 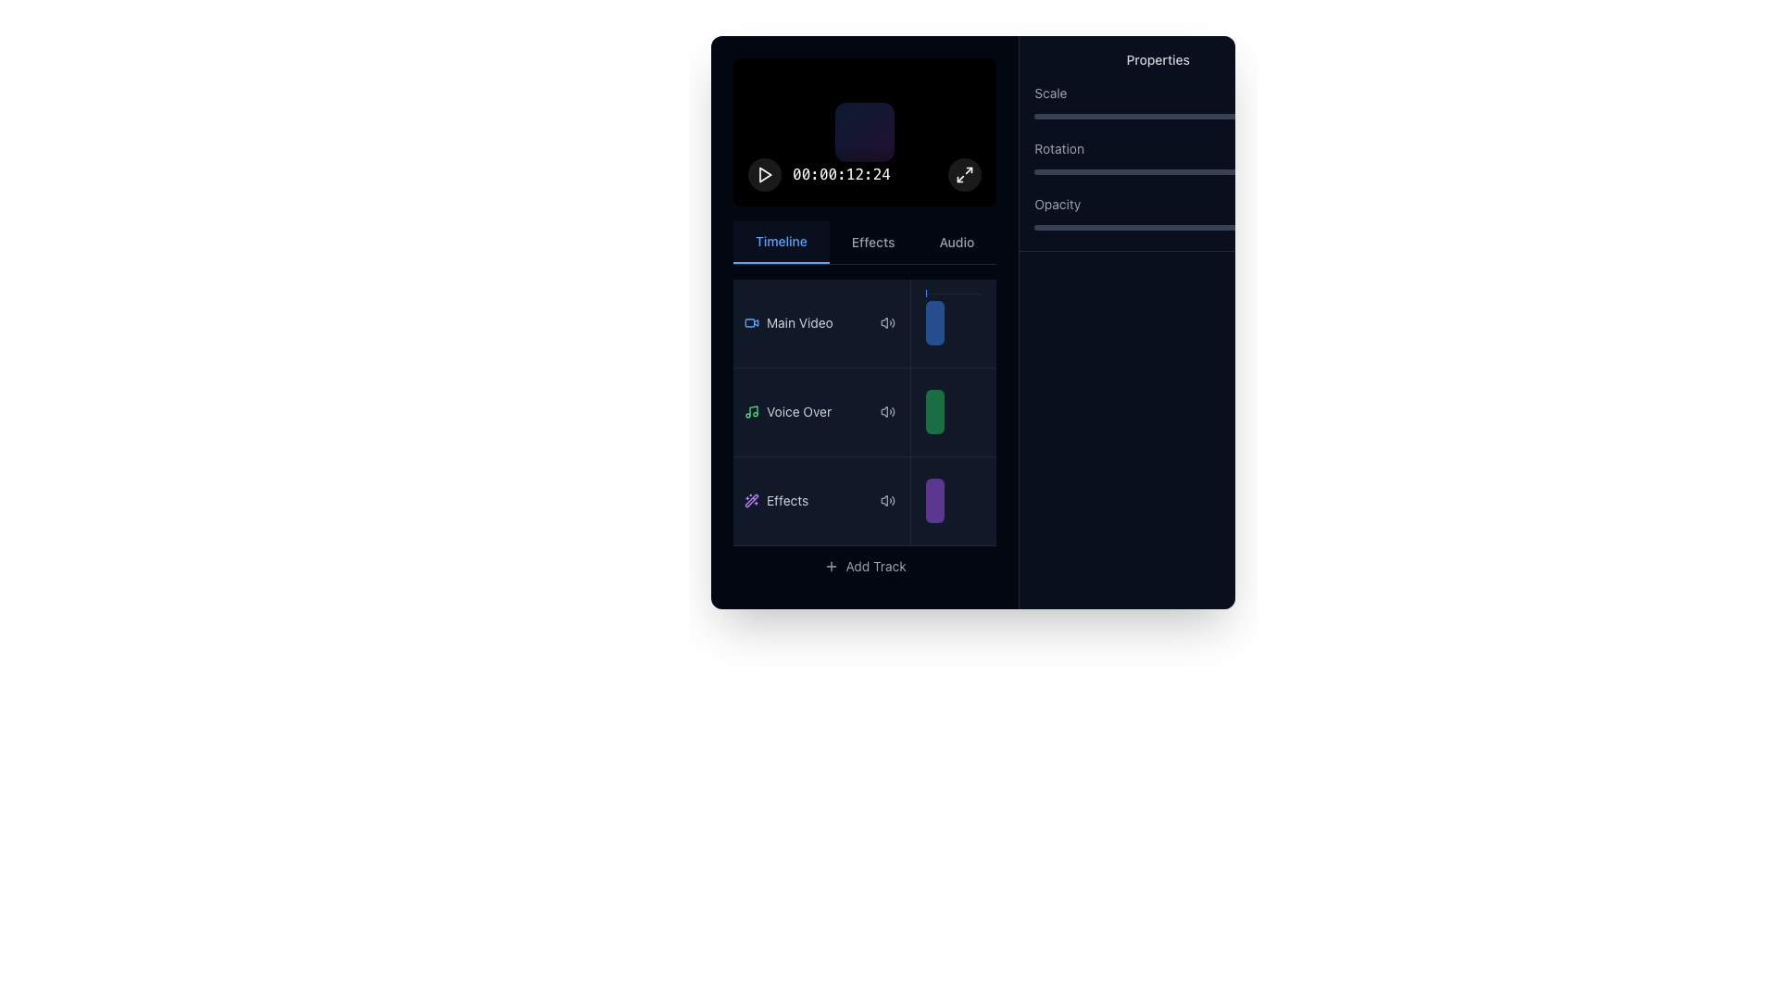 What do you see at coordinates (864, 432) in the screenshot?
I see `the 'Voice Over' list item in the audio and video tracks panel` at bounding box center [864, 432].